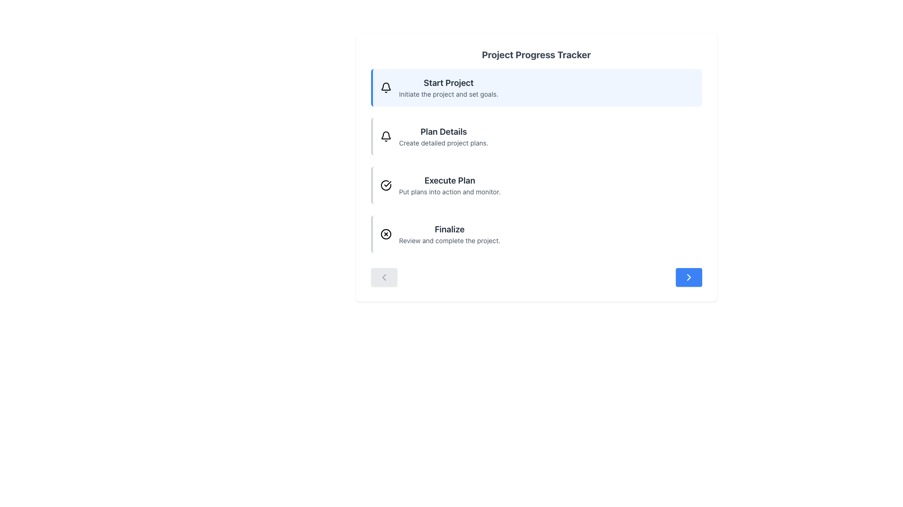 The height and width of the screenshot is (507, 903). I want to click on the 'next' or 'proceed' button located at the bottom-right corner of the displayed content area, part of the navigation controls, so click(689, 277).